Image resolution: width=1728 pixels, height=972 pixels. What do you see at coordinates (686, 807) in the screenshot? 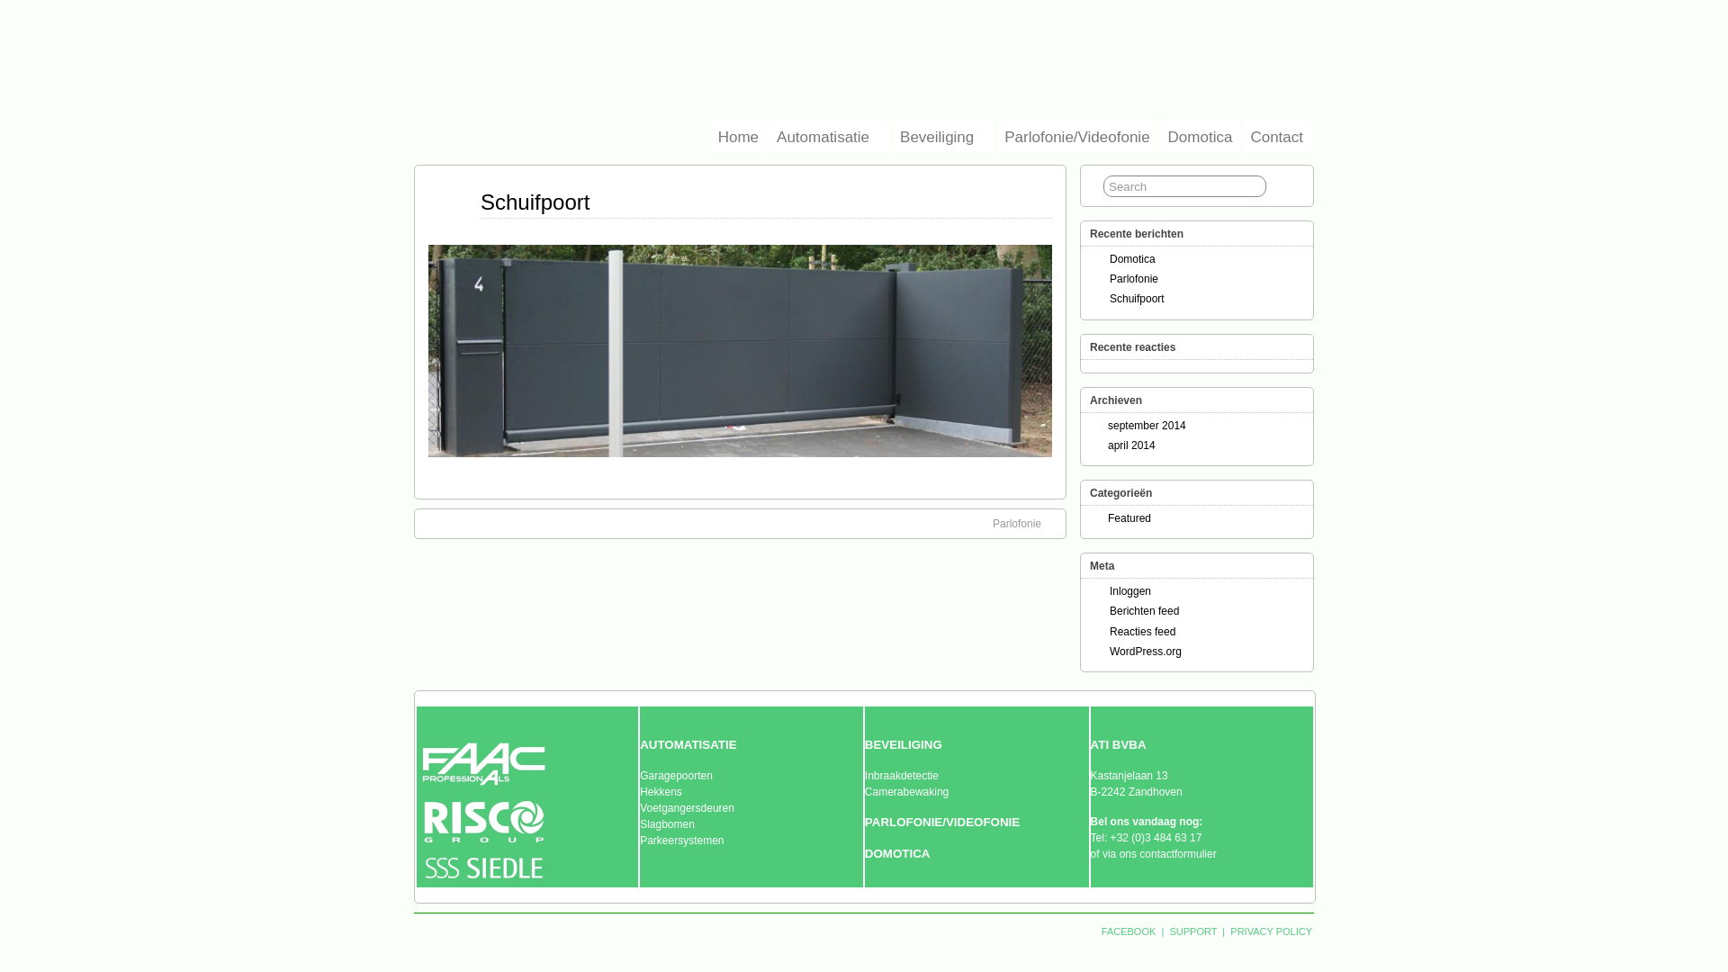
I see `'Voetgangersdeuren'` at bounding box center [686, 807].